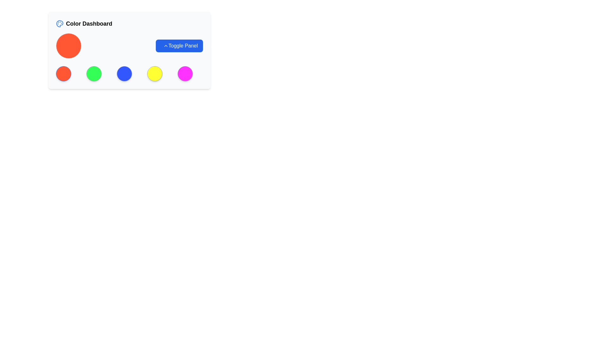 Image resolution: width=608 pixels, height=342 pixels. What do you see at coordinates (93, 73) in the screenshot?
I see `the second circular button in the row of five, located below the 'Color Dashboard' title` at bounding box center [93, 73].